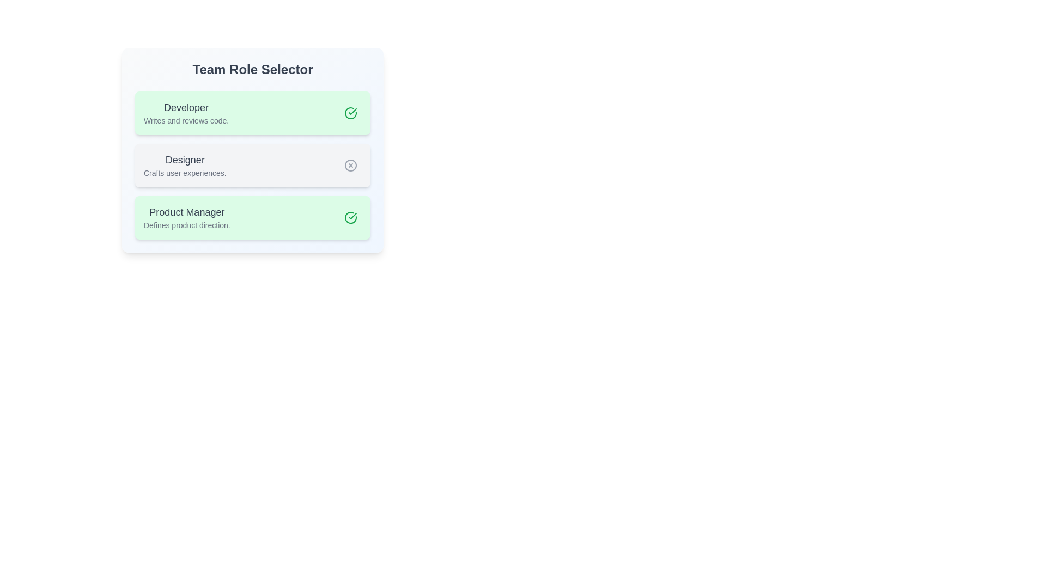  What do you see at coordinates (186, 218) in the screenshot?
I see `the description of the role Product Manager` at bounding box center [186, 218].